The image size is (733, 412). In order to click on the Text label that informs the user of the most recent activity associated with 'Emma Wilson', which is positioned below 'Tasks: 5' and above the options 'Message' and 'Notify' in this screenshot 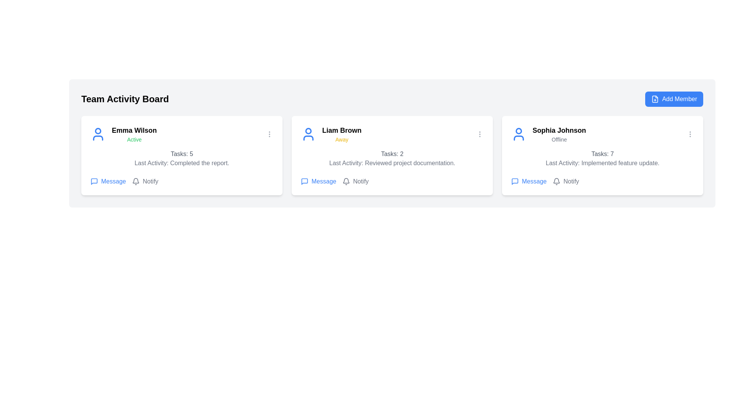, I will do `click(181, 163)`.